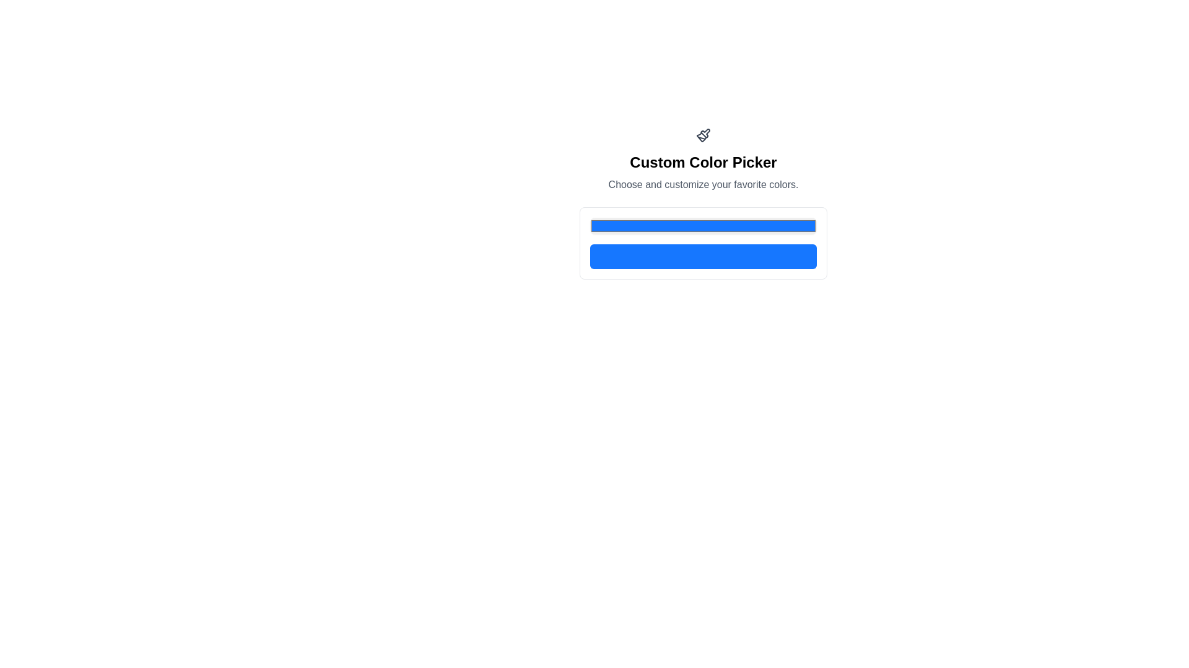 Image resolution: width=1189 pixels, height=668 pixels. I want to click on the decorative block or non-interactive placeholder located below the rectangular color input box, which serves as a visual indicator or guideline, so click(703, 256).